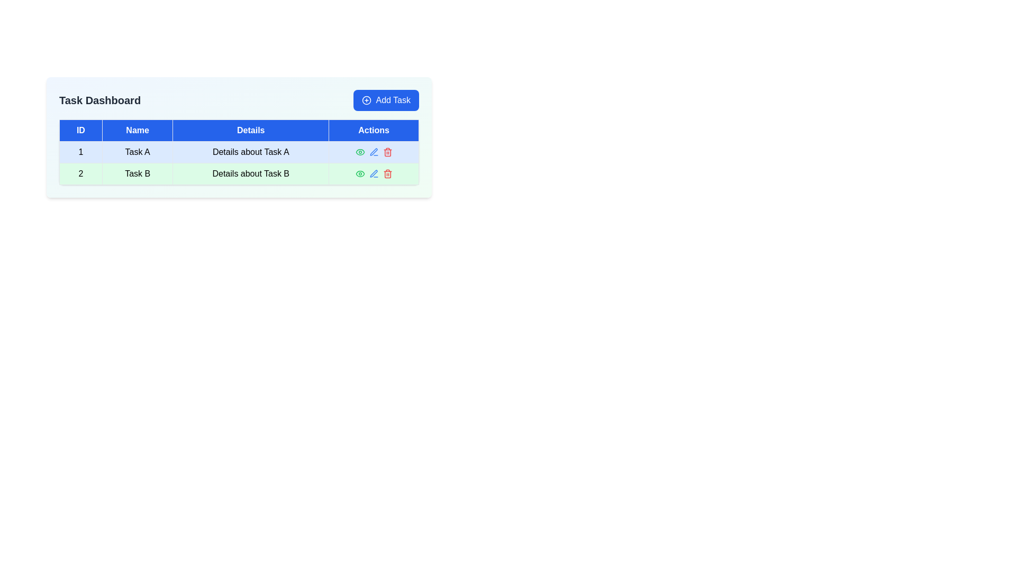  I want to click on the blue header row of the table containing the column titles 'ID', 'Name', 'Details', and 'Actions', so click(238, 130).